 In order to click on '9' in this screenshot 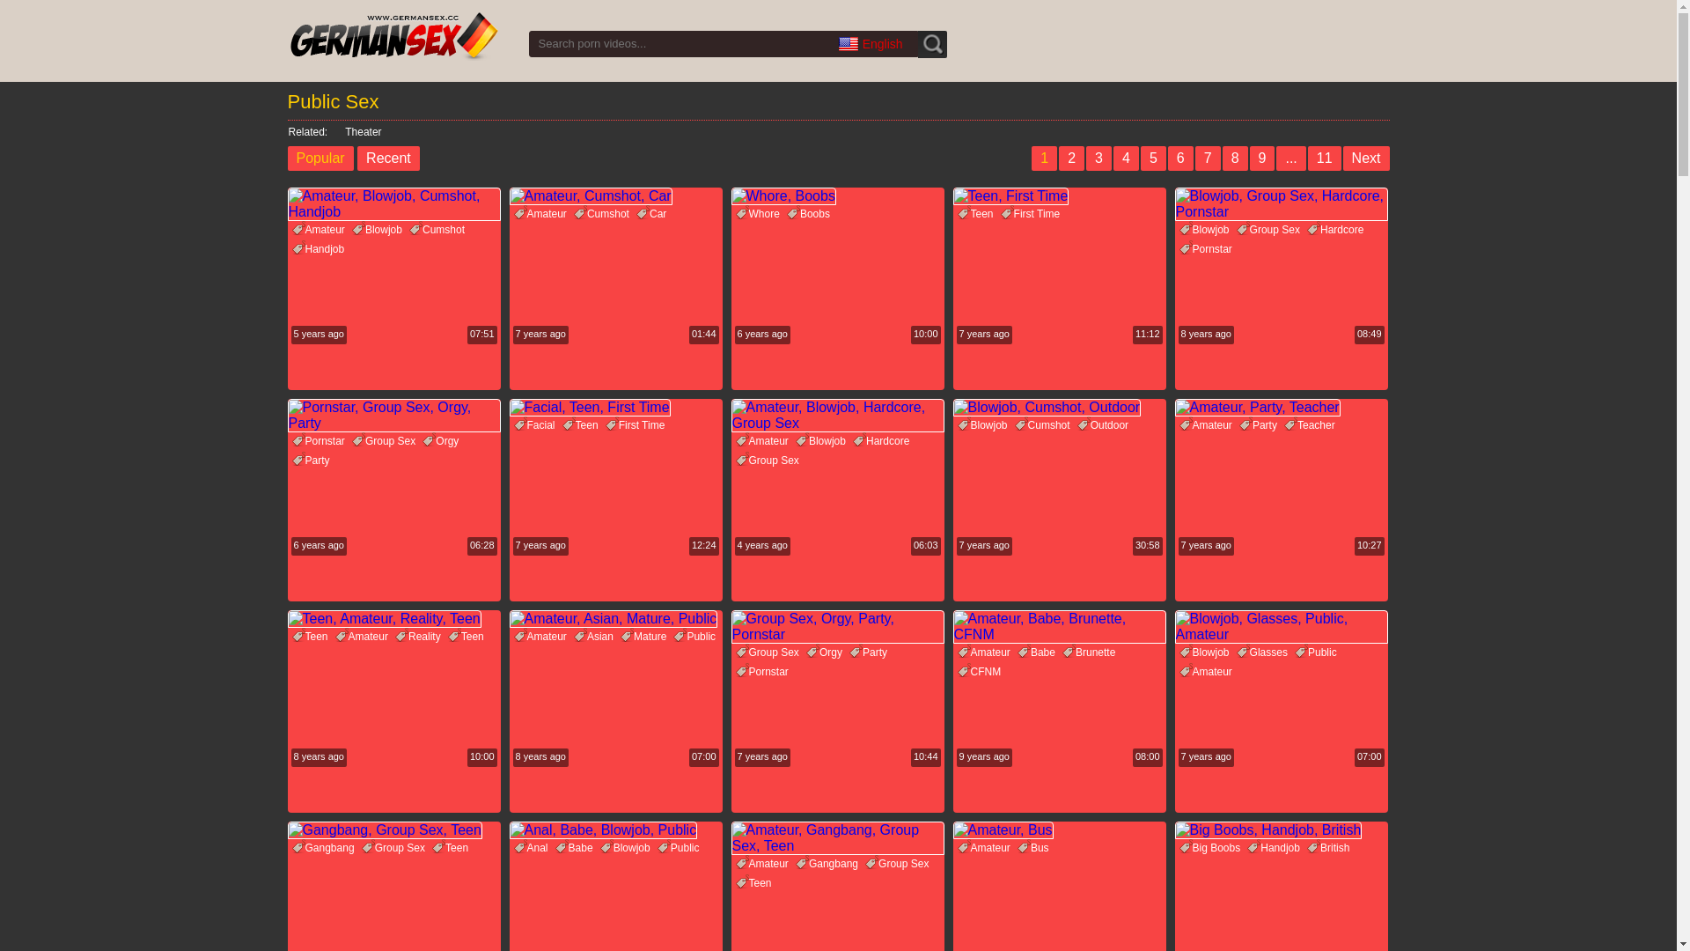, I will do `click(1261, 158)`.